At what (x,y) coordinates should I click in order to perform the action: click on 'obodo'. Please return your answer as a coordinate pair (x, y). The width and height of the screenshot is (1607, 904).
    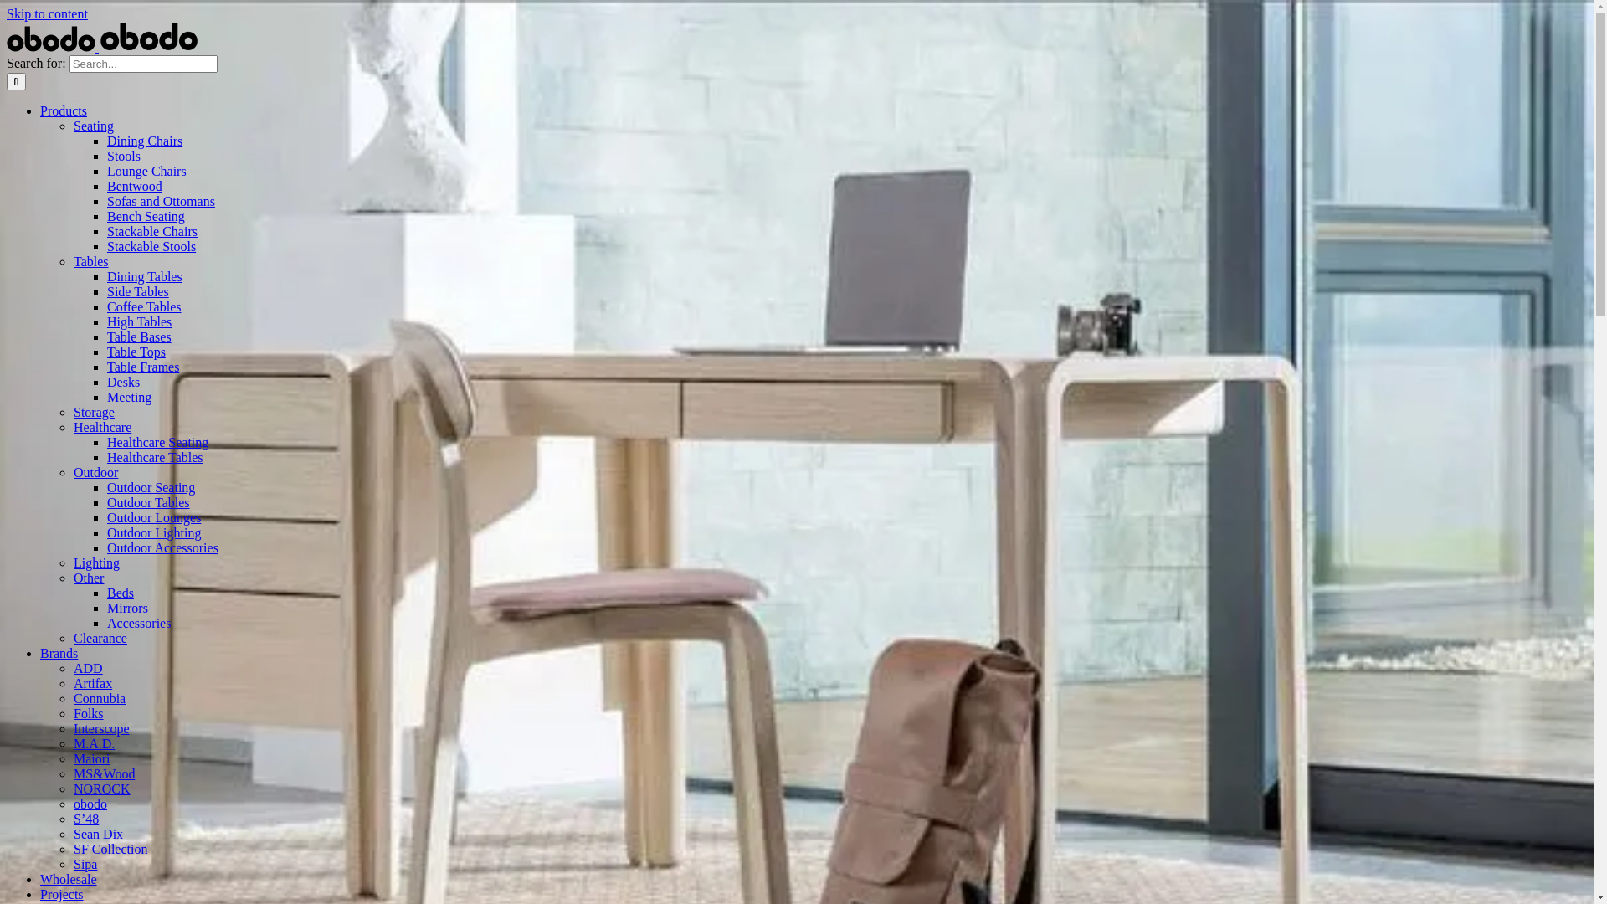
    Looking at the image, I should click on (89, 803).